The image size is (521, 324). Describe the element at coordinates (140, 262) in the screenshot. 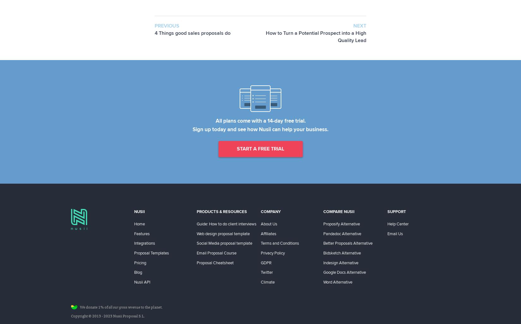

I see `'Pricing'` at that location.